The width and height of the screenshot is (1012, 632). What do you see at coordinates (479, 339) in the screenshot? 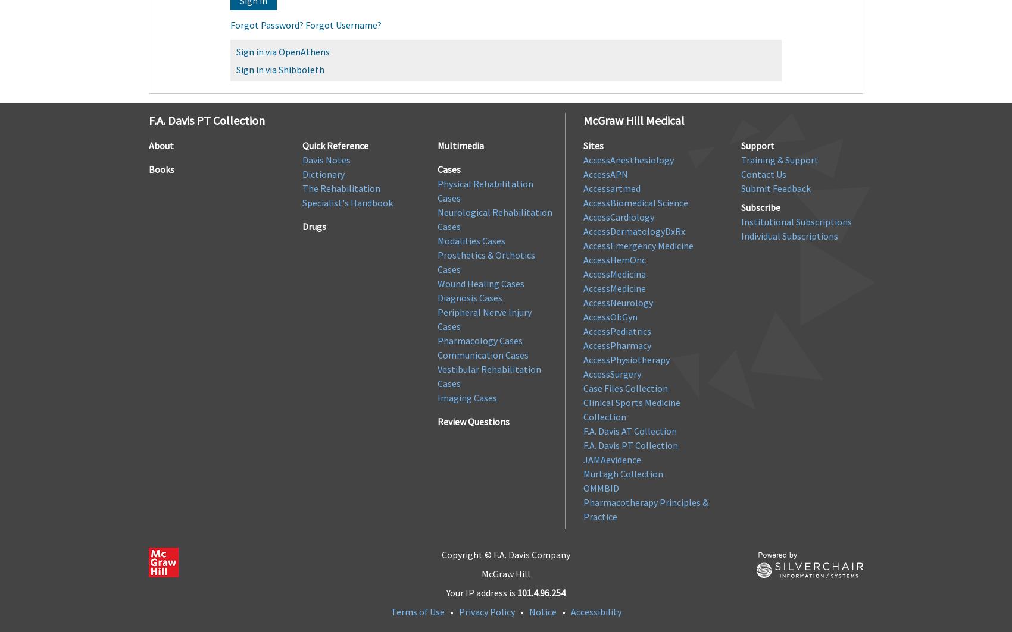
I see `'Pharmacology Cases'` at bounding box center [479, 339].